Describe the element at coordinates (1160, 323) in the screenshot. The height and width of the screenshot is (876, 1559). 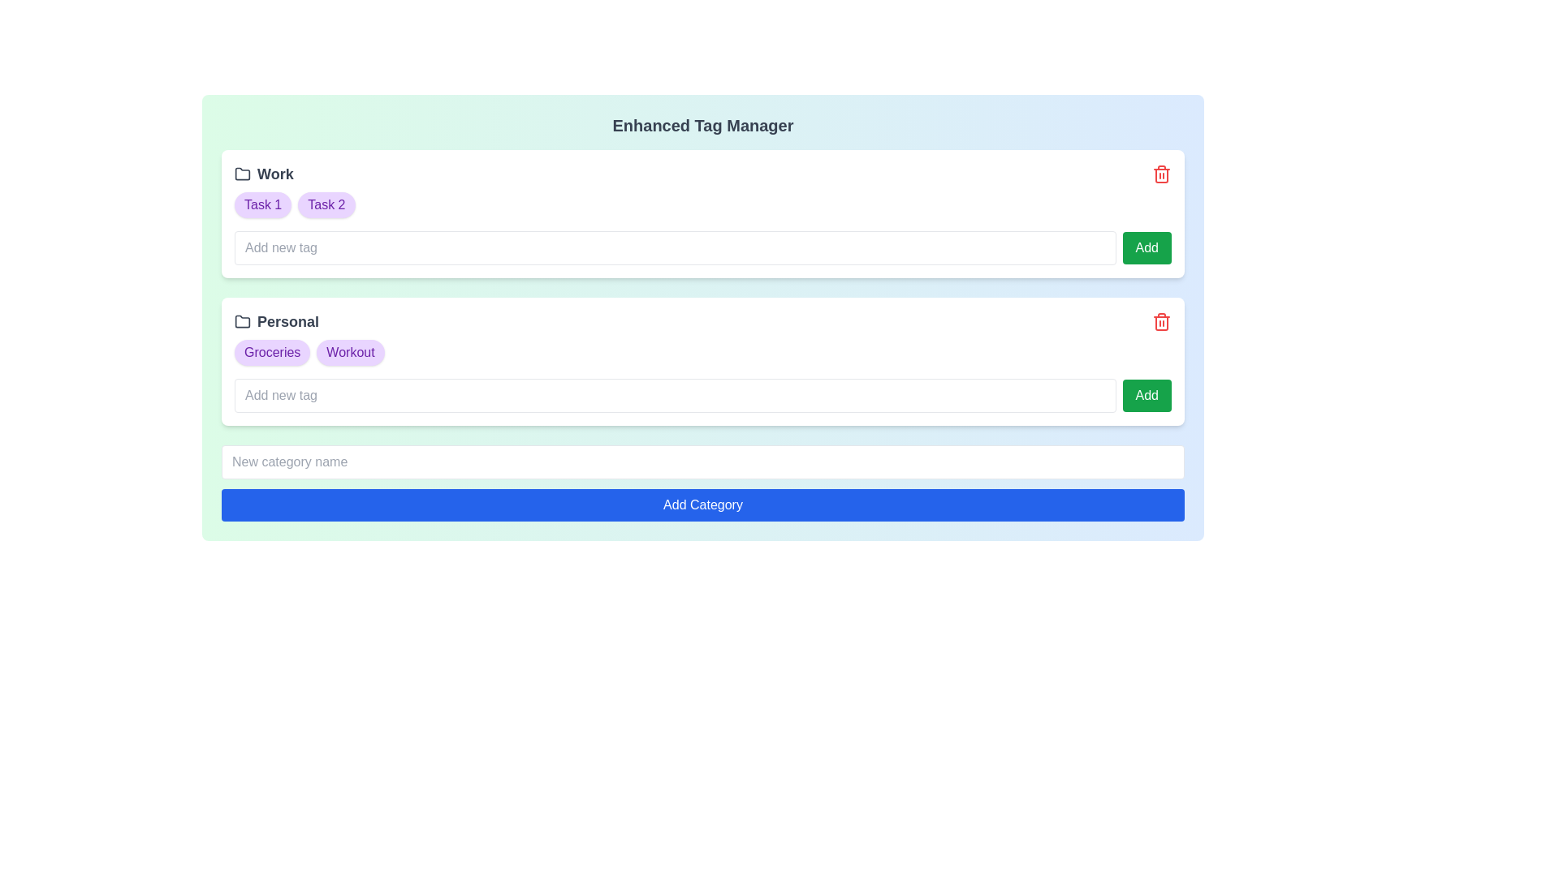
I see `the delete icon located in the top-right corner of the category section to initiate the delete action` at that location.